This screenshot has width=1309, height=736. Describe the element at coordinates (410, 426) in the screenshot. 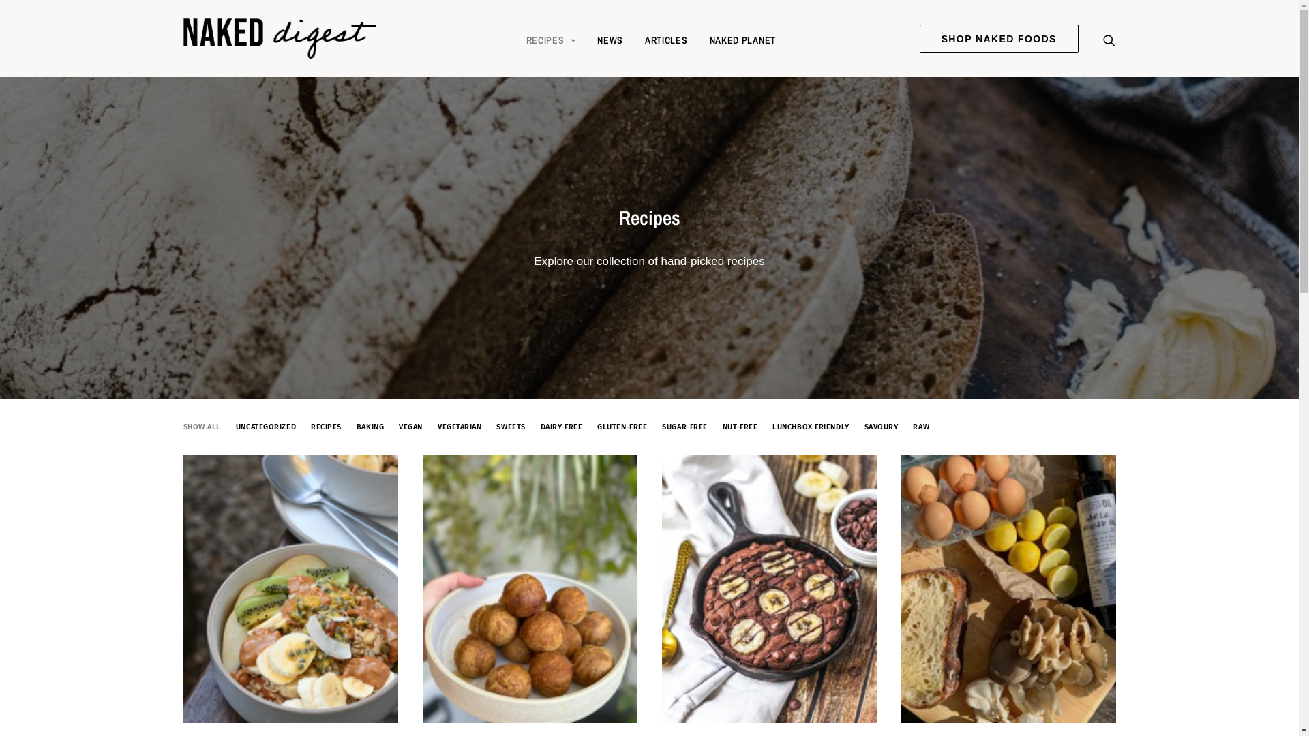

I see `'VEGAN'` at that location.